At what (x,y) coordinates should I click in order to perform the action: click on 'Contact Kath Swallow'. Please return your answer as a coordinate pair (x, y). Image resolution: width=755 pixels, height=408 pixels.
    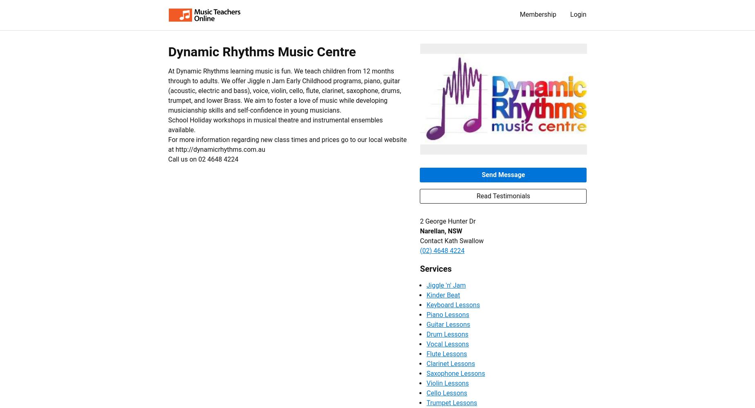
    Looking at the image, I should click on (451, 240).